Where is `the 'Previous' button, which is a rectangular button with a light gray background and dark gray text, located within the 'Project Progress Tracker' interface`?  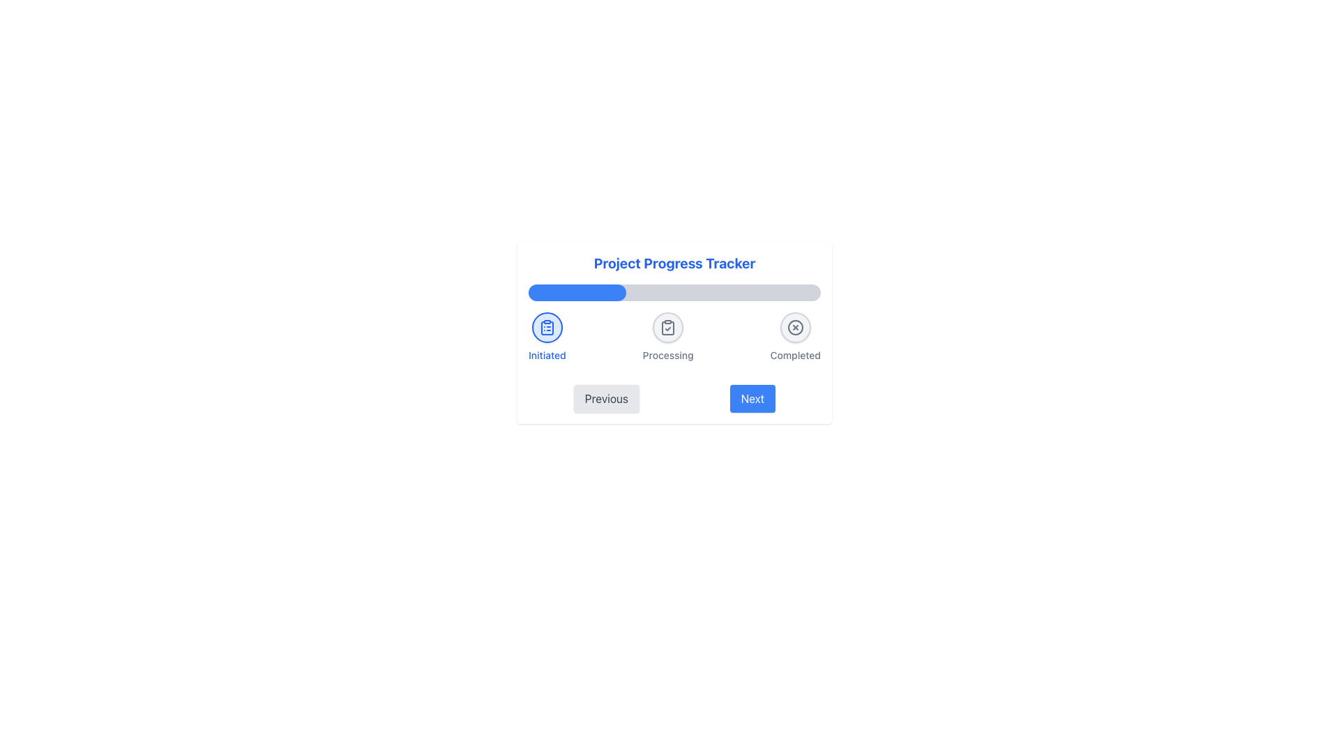
the 'Previous' button, which is a rectangular button with a light gray background and dark gray text, located within the 'Project Progress Tracker' interface is located at coordinates (606, 398).